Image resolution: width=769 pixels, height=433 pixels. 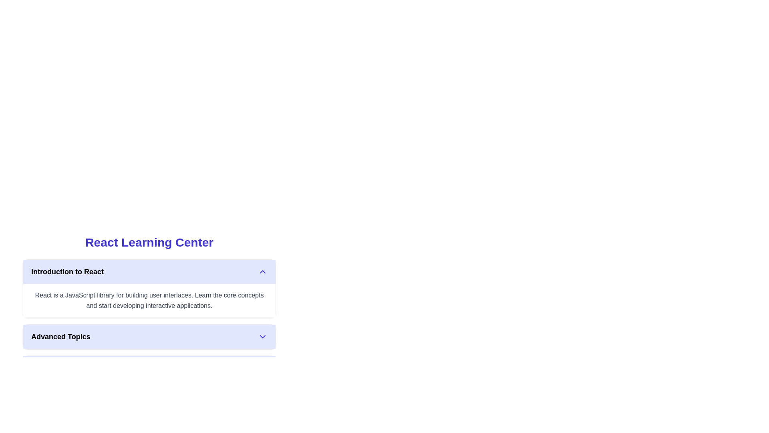 What do you see at coordinates (149, 337) in the screenshot?
I see `the button that expands or collapses the 'Advanced Topics' section in the 'React Learning Center' interface, located at the bottom of the 'React Learning Center' section` at bounding box center [149, 337].